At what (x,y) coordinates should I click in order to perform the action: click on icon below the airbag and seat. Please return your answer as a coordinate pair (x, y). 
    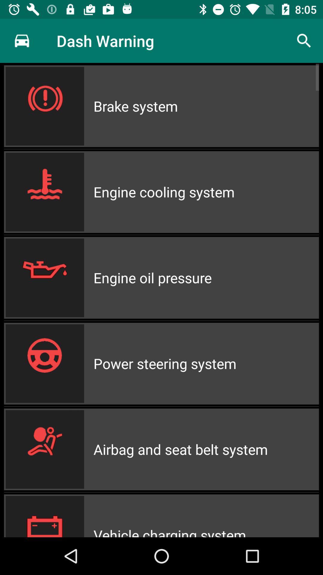
    Looking at the image, I should click on (206, 515).